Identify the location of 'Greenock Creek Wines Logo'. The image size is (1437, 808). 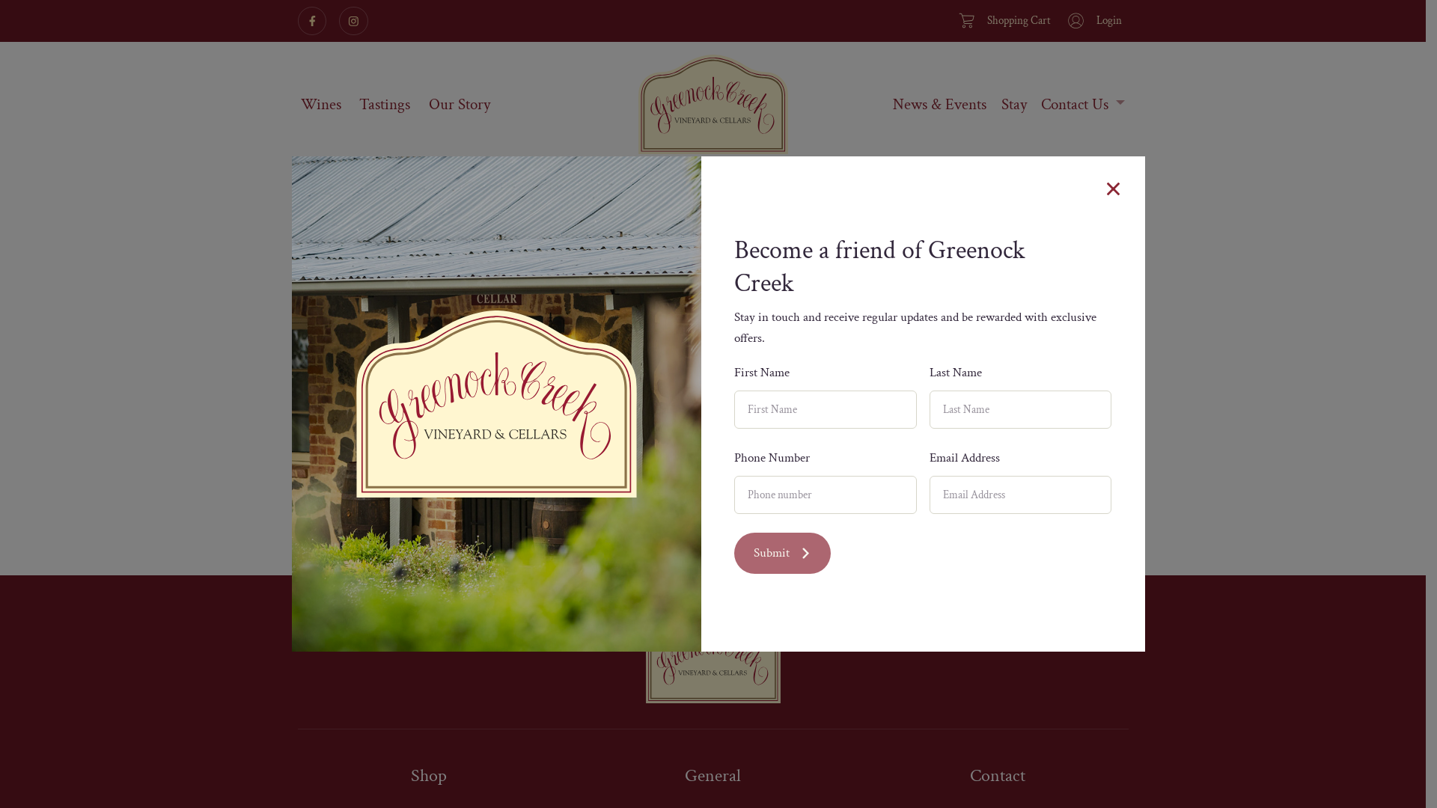
(711, 103).